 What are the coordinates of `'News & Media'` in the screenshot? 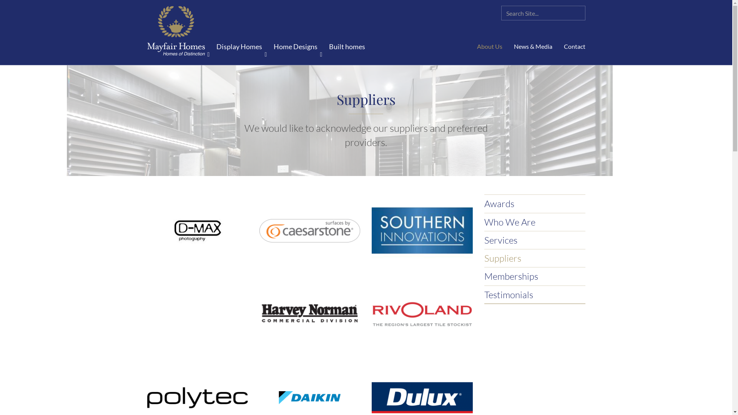 It's located at (533, 46).